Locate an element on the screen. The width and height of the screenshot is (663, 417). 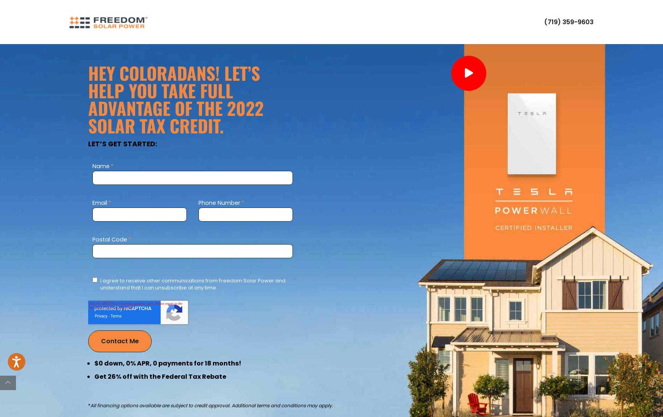
'Get 26% off with the Federal Tax Rebate' is located at coordinates (160, 376).